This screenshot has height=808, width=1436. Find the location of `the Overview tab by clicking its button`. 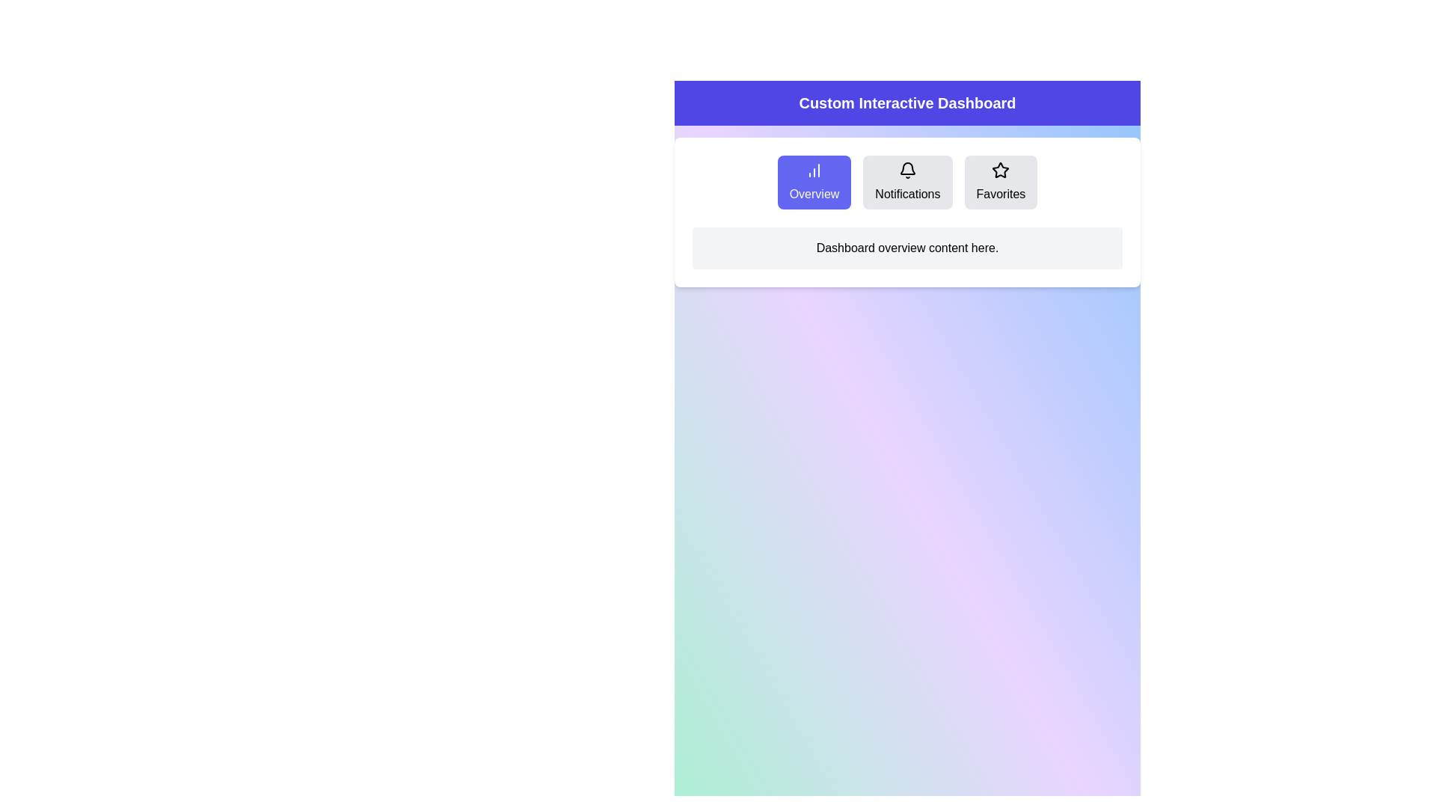

the Overview tab by clicking its button is located at coordinates (814, 181).